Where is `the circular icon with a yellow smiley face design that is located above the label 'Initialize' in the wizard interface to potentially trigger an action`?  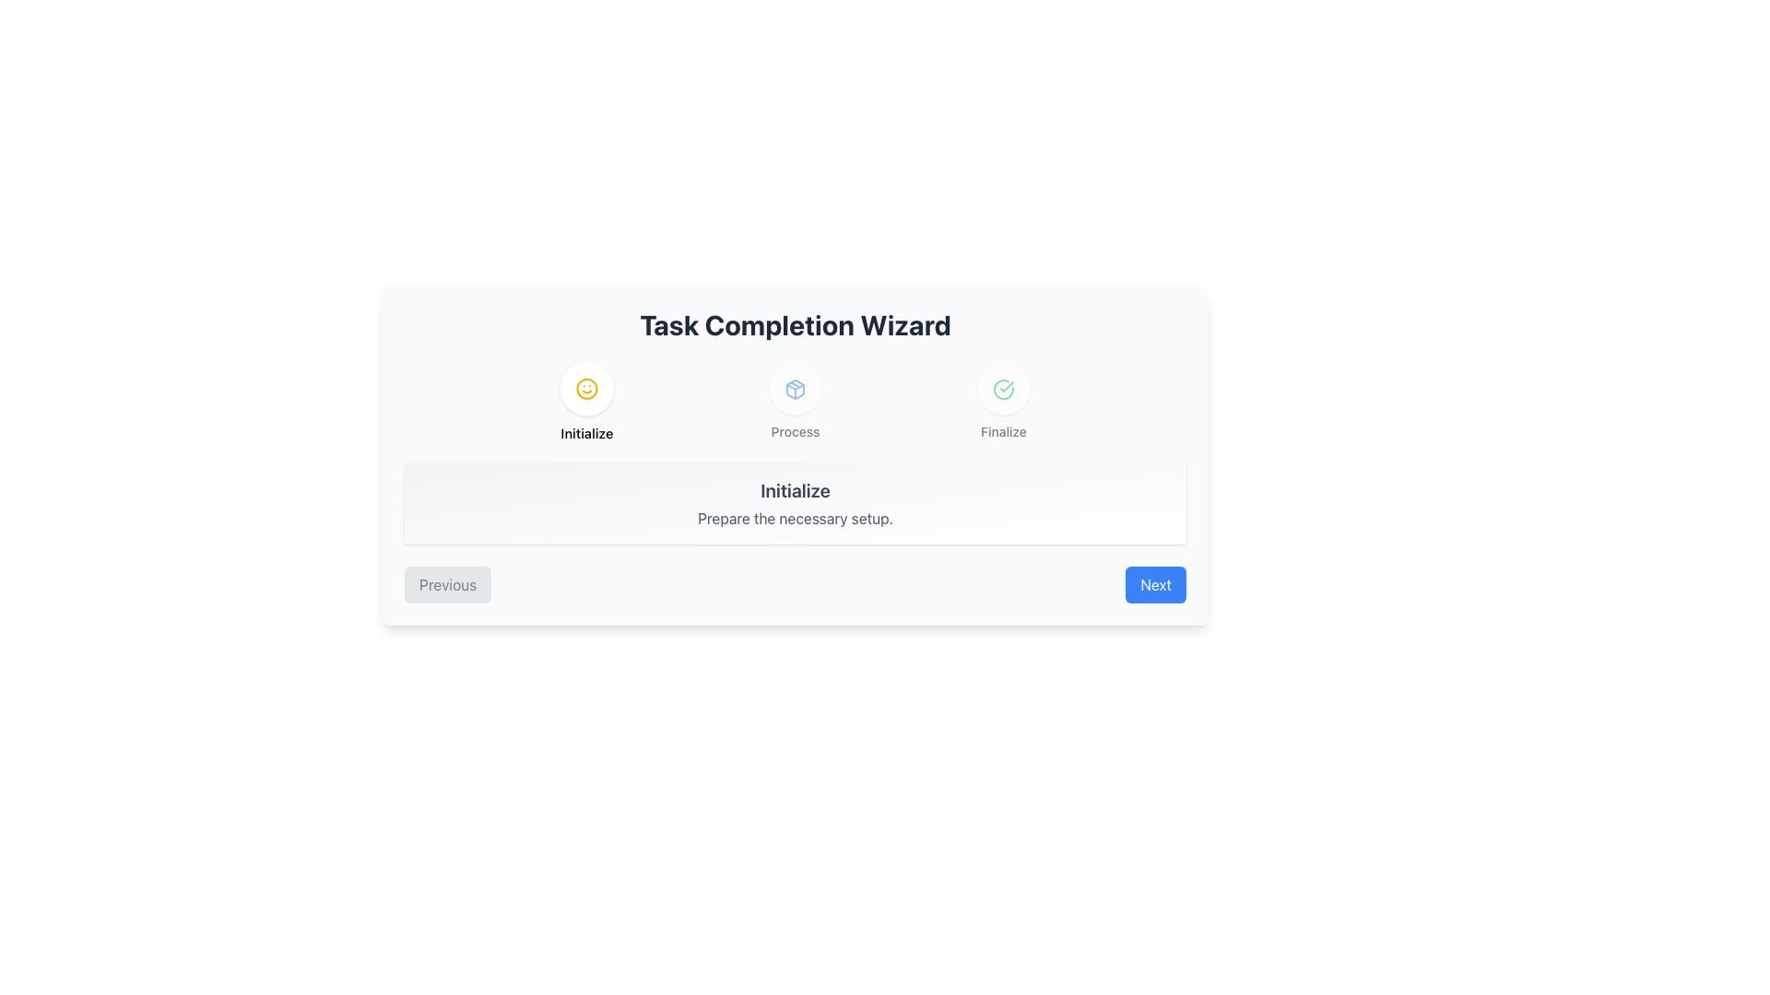 the circular icon with a yellow smiley face design that is located above the label 'Initialize' in the wizard interface to potentially trigger an action is located at coordinates (586, 387).